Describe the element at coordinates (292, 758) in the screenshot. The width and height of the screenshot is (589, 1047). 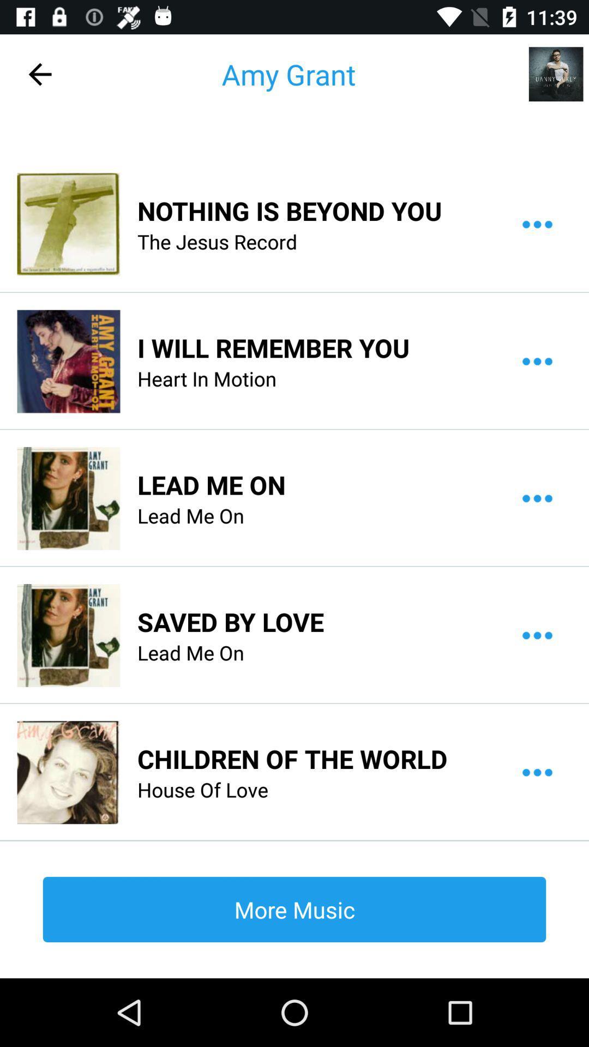
I see `icon above house of love item` at that location.